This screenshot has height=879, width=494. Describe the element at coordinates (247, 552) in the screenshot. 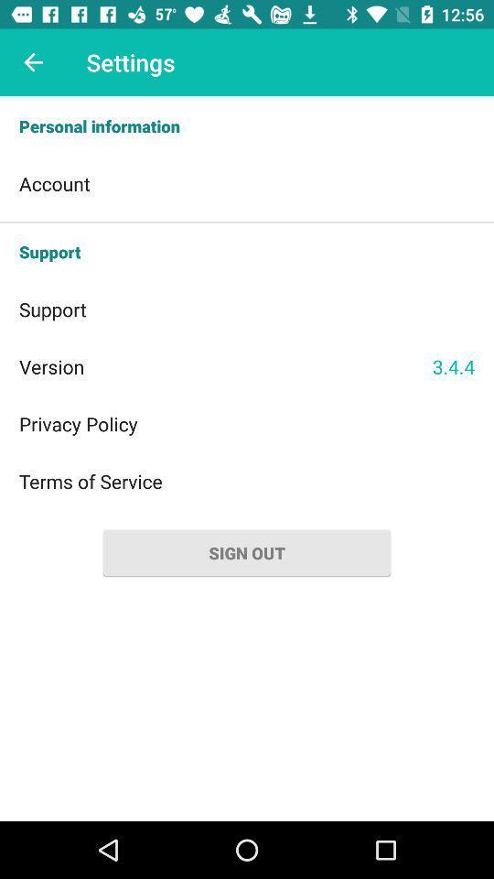

I see `sign out button on page` at that location.